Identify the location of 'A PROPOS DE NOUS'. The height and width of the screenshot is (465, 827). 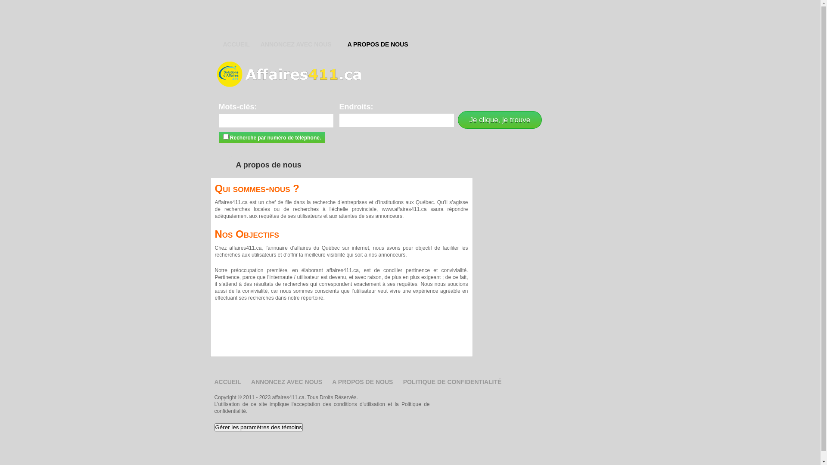
(378, 45).